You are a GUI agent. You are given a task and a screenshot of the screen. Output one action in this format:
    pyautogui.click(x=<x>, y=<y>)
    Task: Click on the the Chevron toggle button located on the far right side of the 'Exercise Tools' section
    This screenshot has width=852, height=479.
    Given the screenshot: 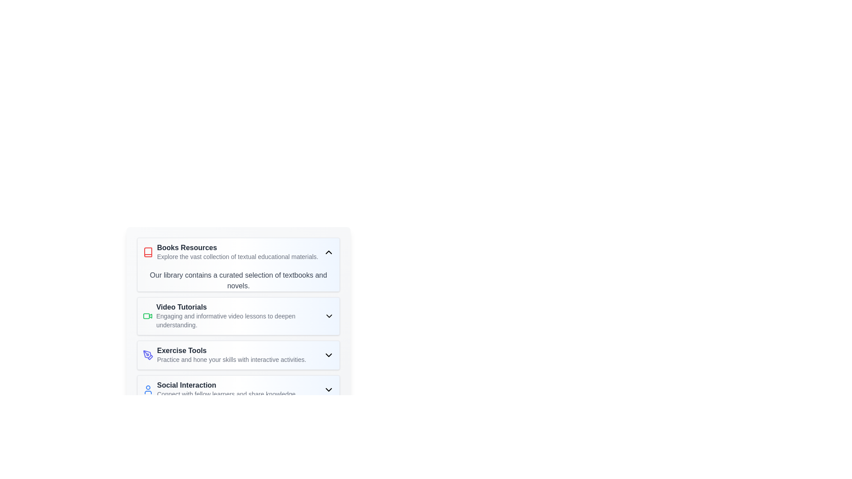 What is the action you would take?
    pyautogui.click(x=328, y=355)
    